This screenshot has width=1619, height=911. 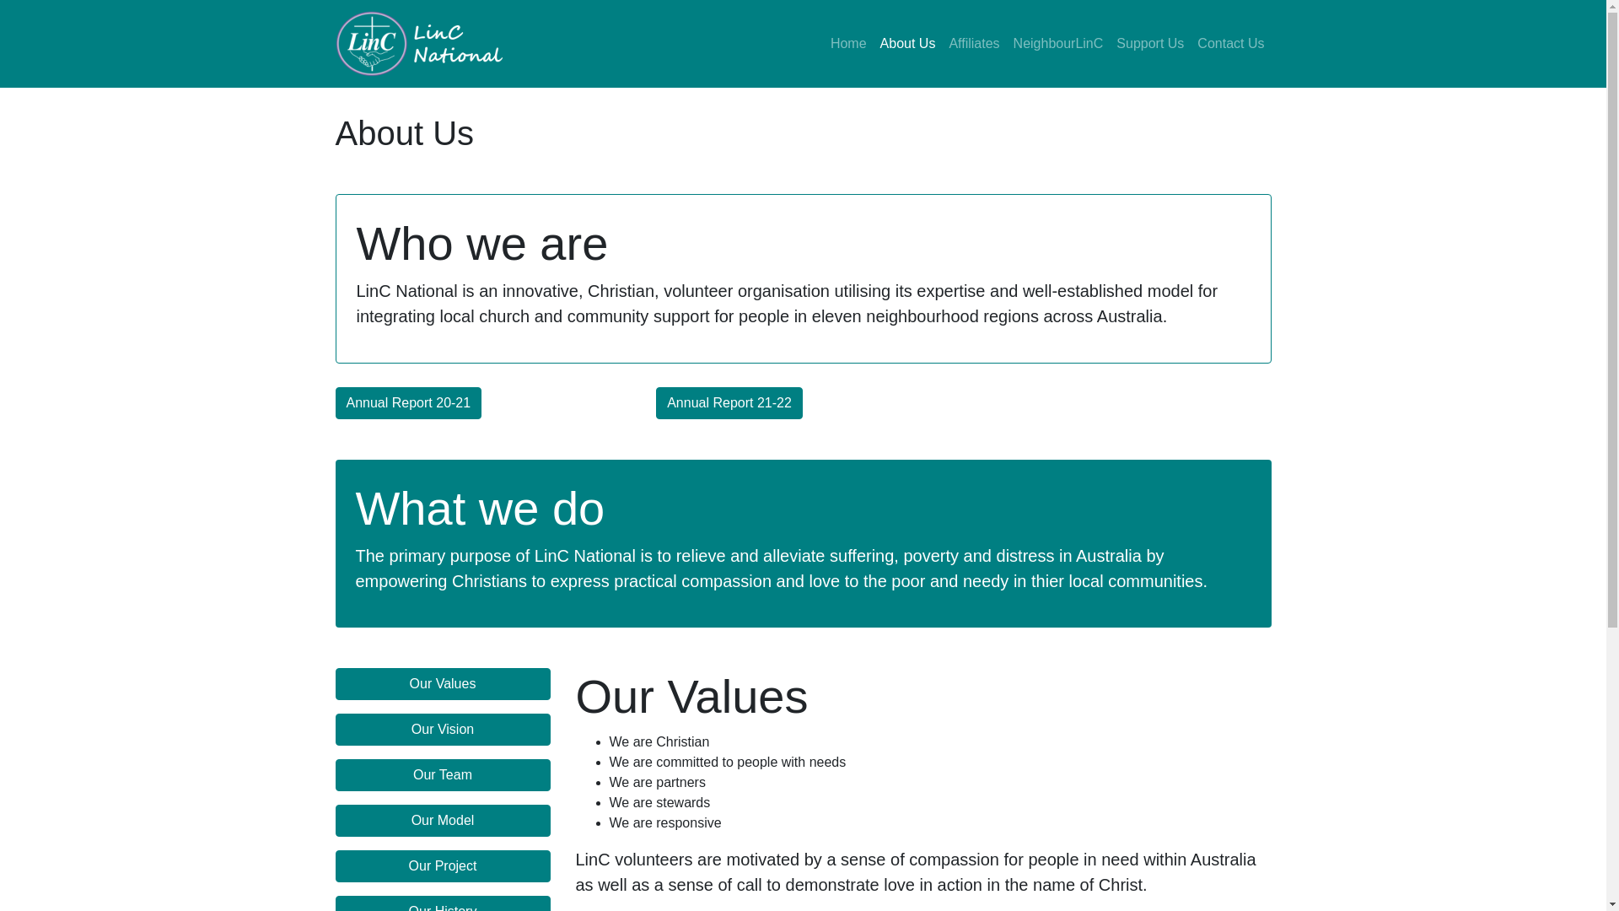 What do you see at coordinates (443, 819) in the screenshot?
I see `'Our Model'` at bounding box center [443, 819].